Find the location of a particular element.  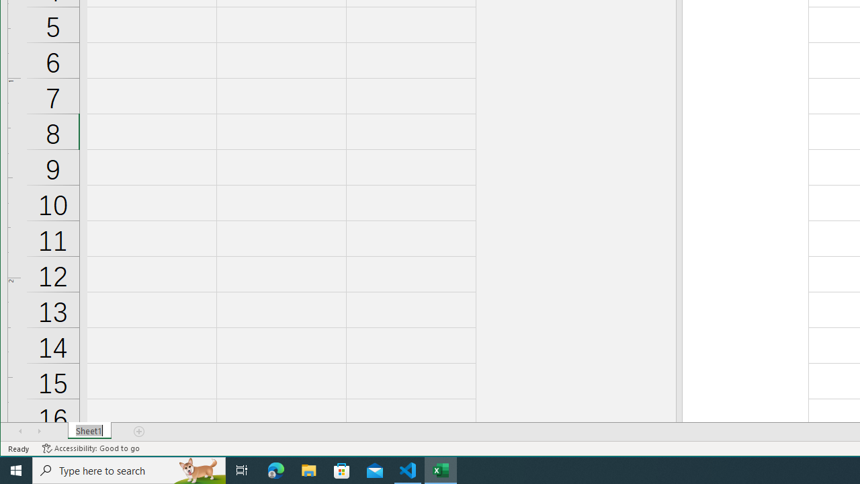

'Search highlights icon opens search home window' is located at coordinates (198, 469).